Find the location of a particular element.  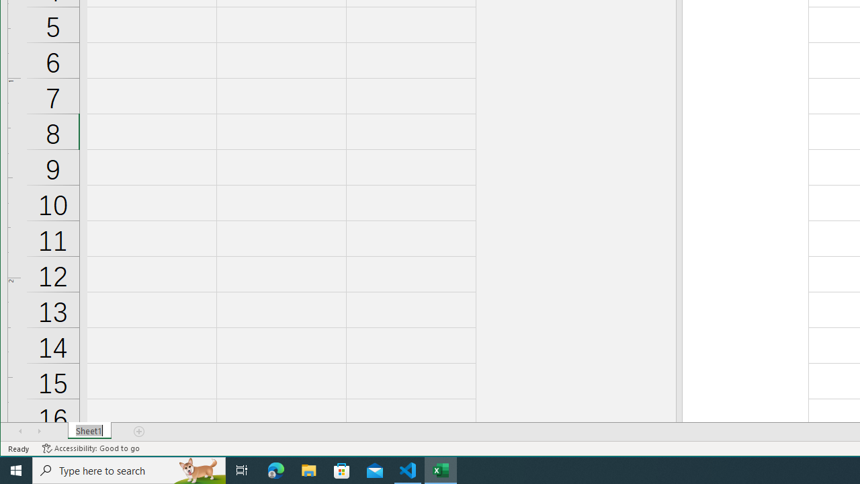

'Search highlights icon opens search home window' is located at coordinates (198, 469).